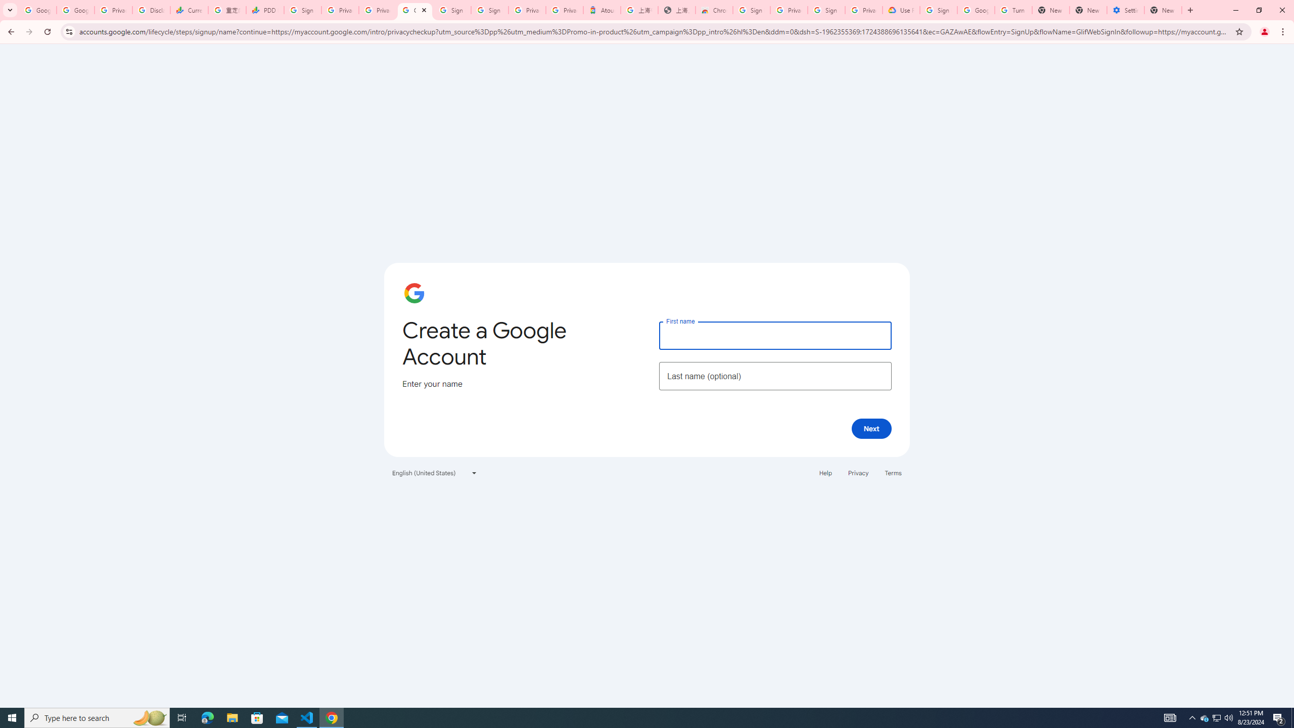 The width and height of the screenshot is (1294, 728). Describe the element at coordinates (893, 472) in the screenshot. I see `'Terms'` at that location.